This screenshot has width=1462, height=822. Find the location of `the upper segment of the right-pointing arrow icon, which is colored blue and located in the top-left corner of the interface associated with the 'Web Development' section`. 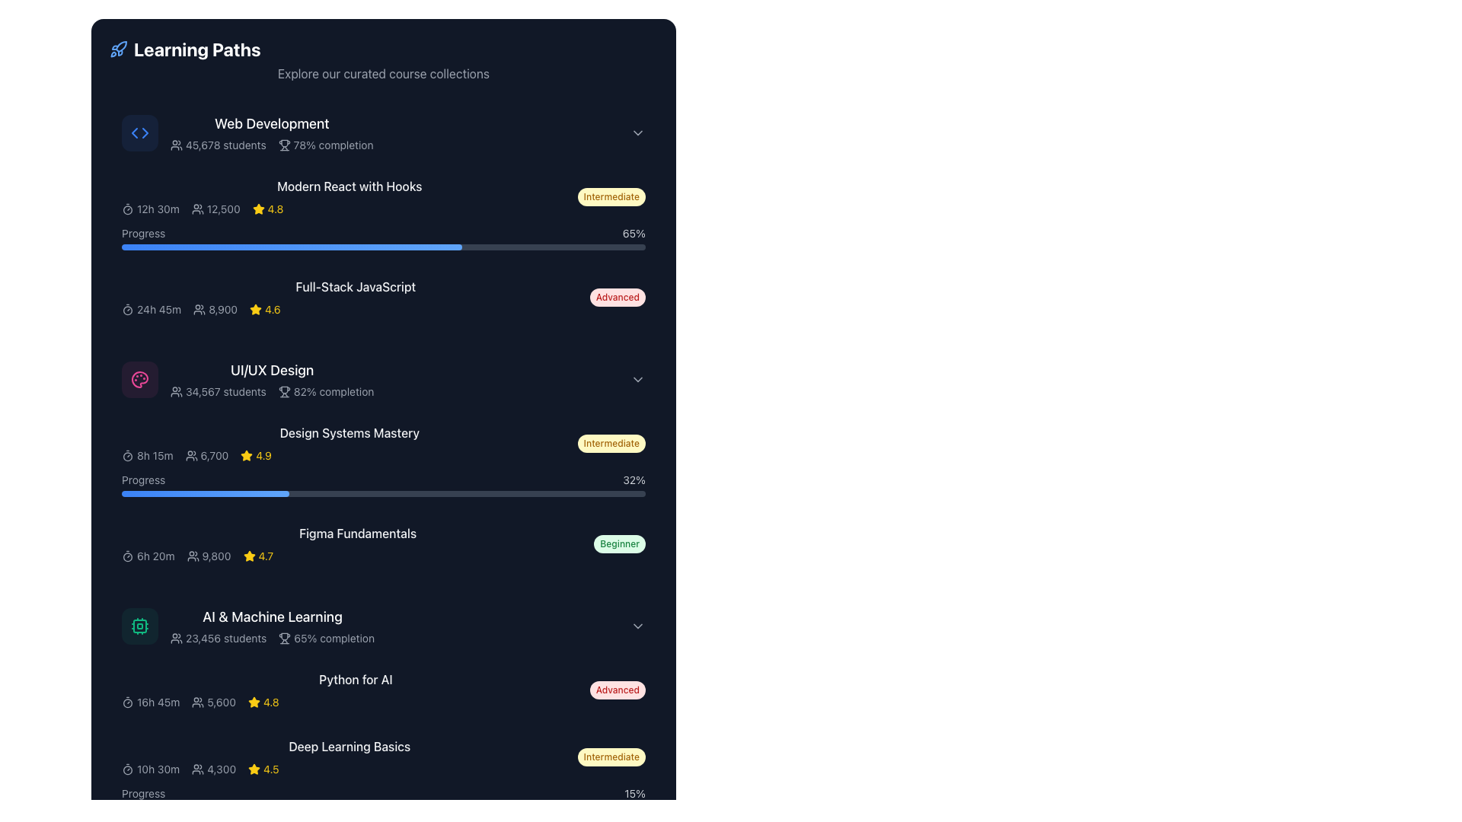

the upper segment of the right-pointing arrow icon, which is colored blue and located in the top-left corner of the interface associated with the 'Web Development' section is located at coordinates (145, 132).